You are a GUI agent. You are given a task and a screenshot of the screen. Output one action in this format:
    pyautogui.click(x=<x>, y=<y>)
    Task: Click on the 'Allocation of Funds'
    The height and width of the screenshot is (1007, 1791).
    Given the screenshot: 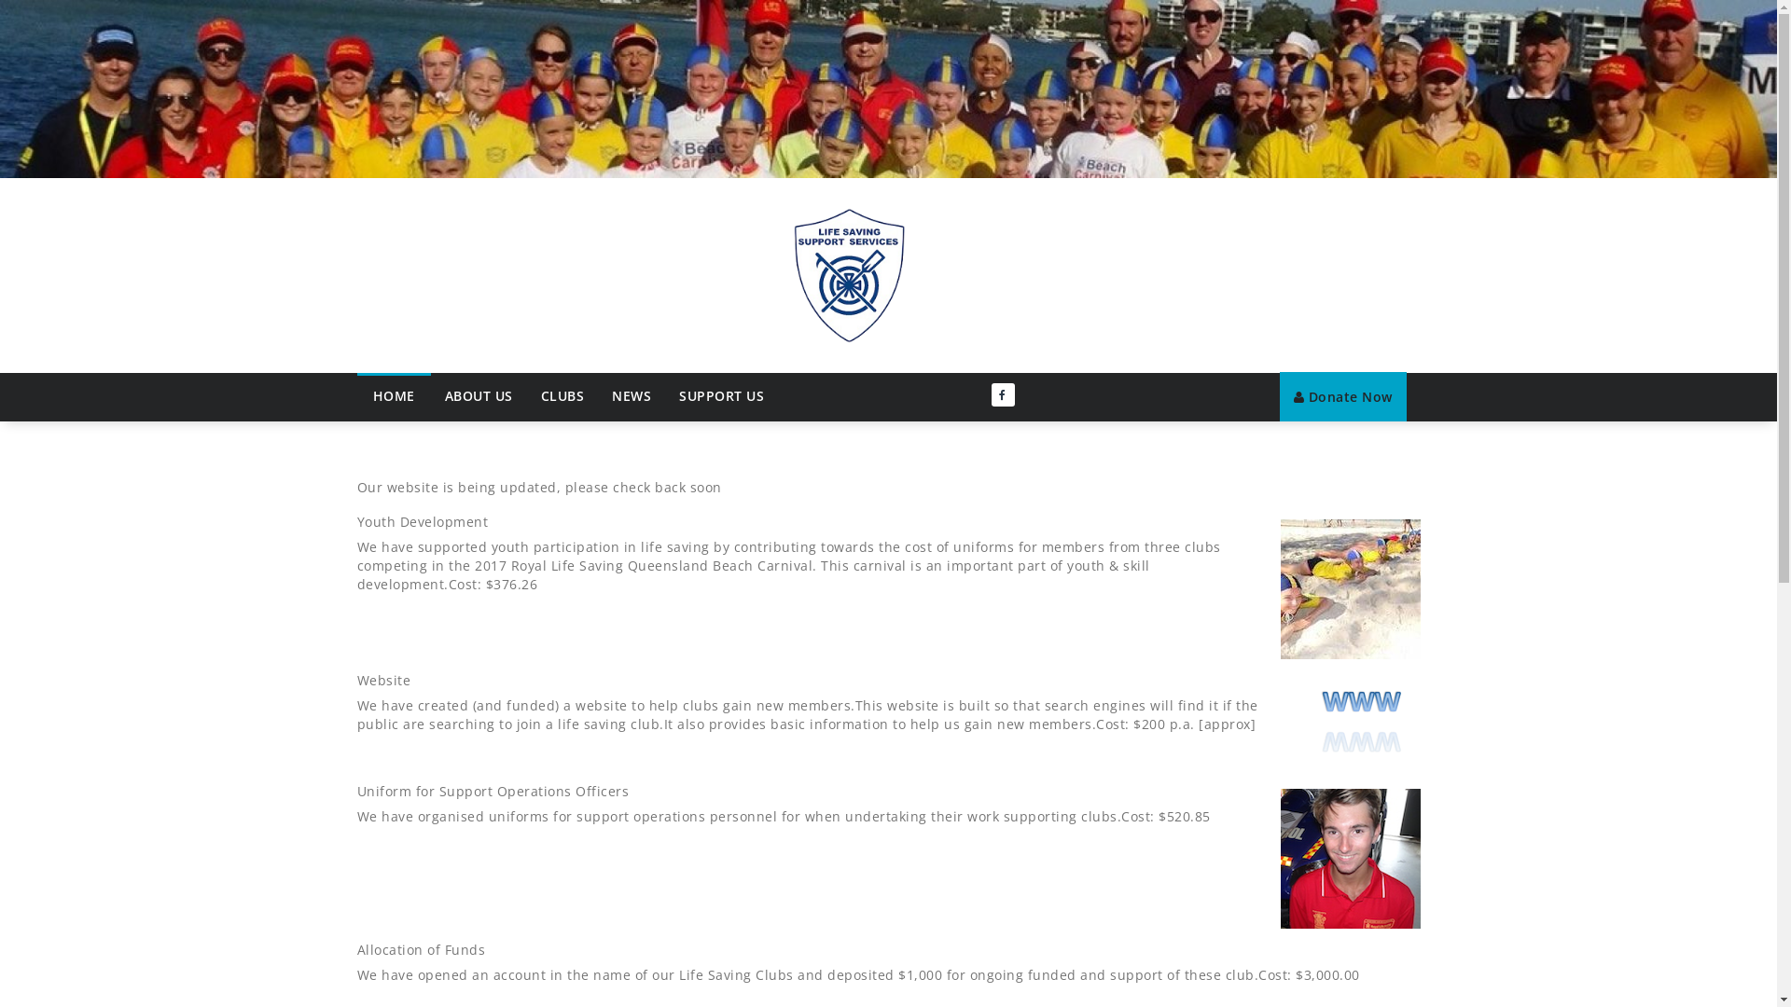 What is the action you would take?
    pyautogui.click(x=356, y=949)
    